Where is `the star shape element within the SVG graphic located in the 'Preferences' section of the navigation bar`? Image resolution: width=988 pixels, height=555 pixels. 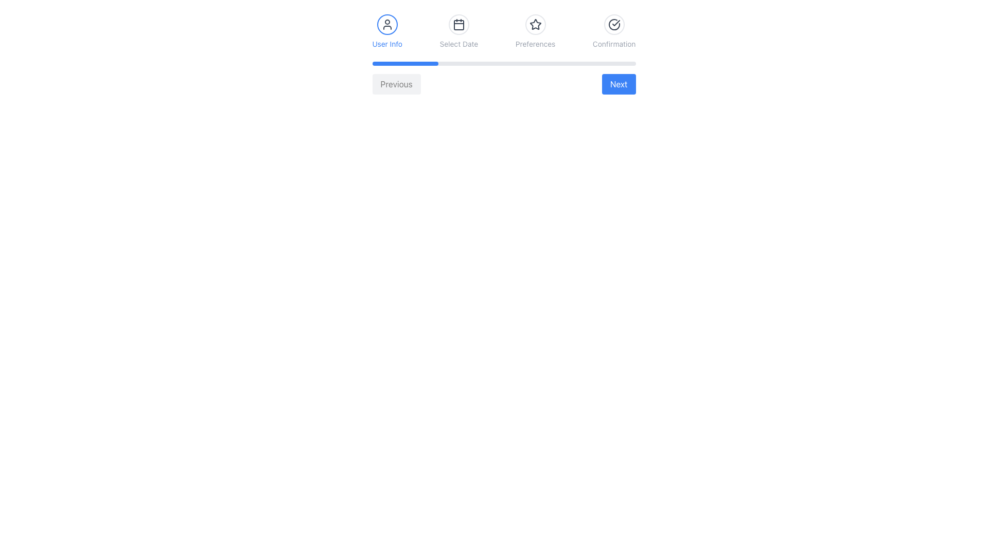
the star shape element within the SVG graphic located in the 'Preferences' section of the navigation bar is located at coordinates (535, 24).